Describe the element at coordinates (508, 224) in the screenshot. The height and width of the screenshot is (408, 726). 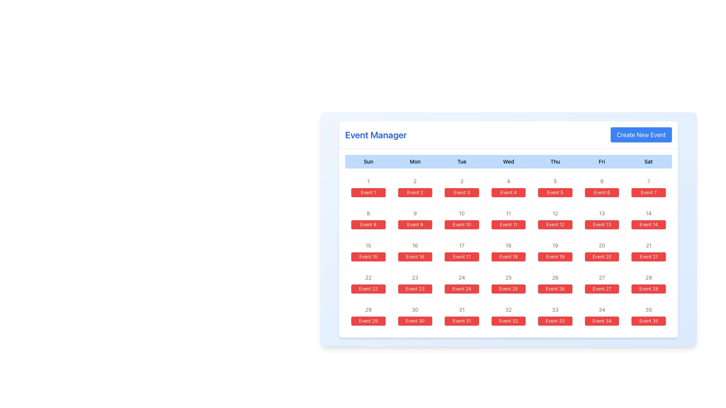
I see `the non-interactive button labeled 'Event 11' located in the calendar grid below the 'Wed' header` at that location.